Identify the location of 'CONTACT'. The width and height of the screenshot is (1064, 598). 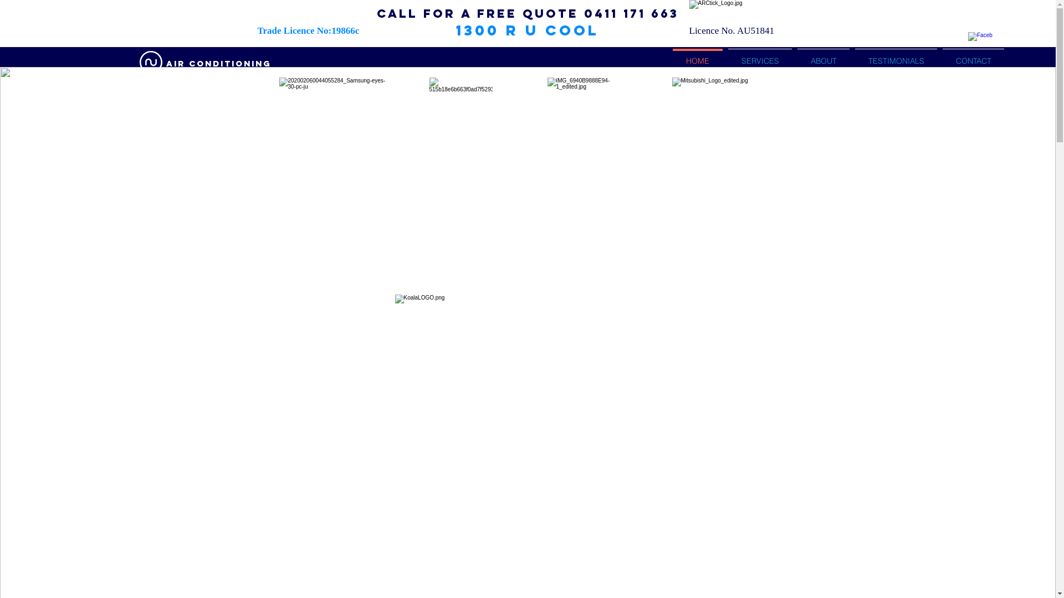
(973, 56).